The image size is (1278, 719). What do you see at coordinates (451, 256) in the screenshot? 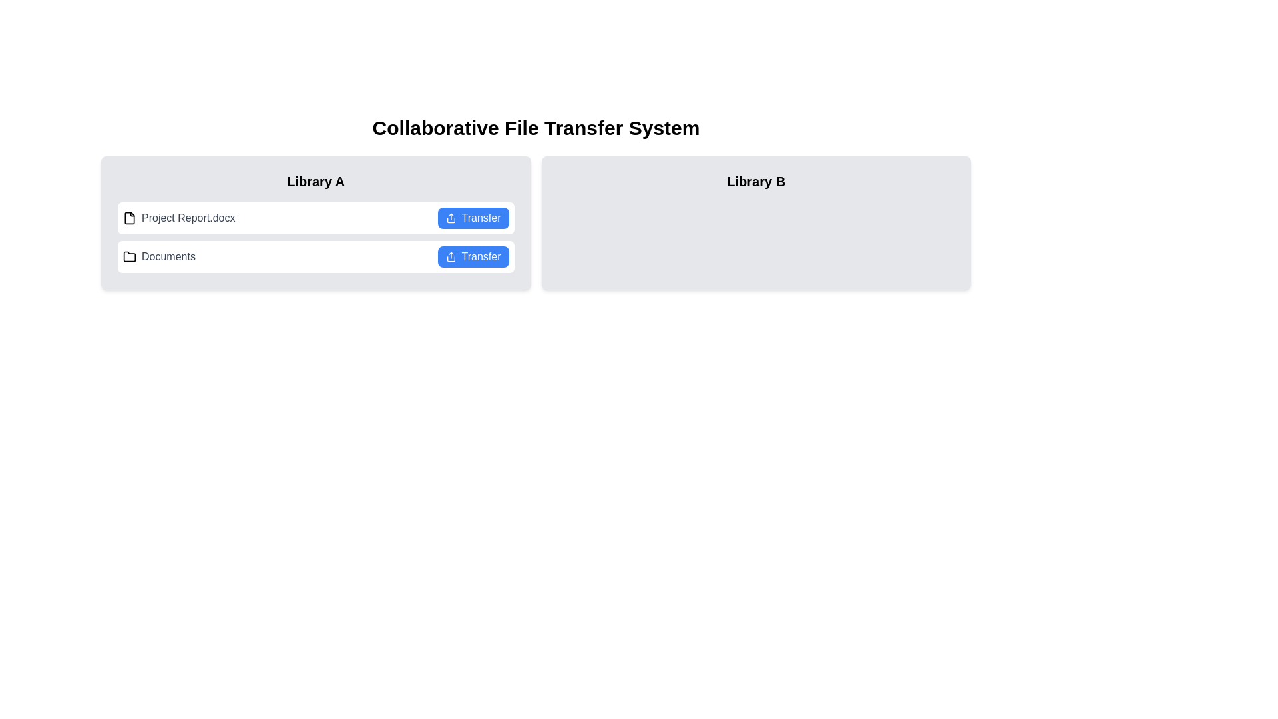
I see `the share icon, which is a white upward arrow styled as a vector icon on a blue rounded button labeled 'Transfer', positioned to the right of the text 'Documents' in the 'Library A' section` at bounding box center [451, 256].